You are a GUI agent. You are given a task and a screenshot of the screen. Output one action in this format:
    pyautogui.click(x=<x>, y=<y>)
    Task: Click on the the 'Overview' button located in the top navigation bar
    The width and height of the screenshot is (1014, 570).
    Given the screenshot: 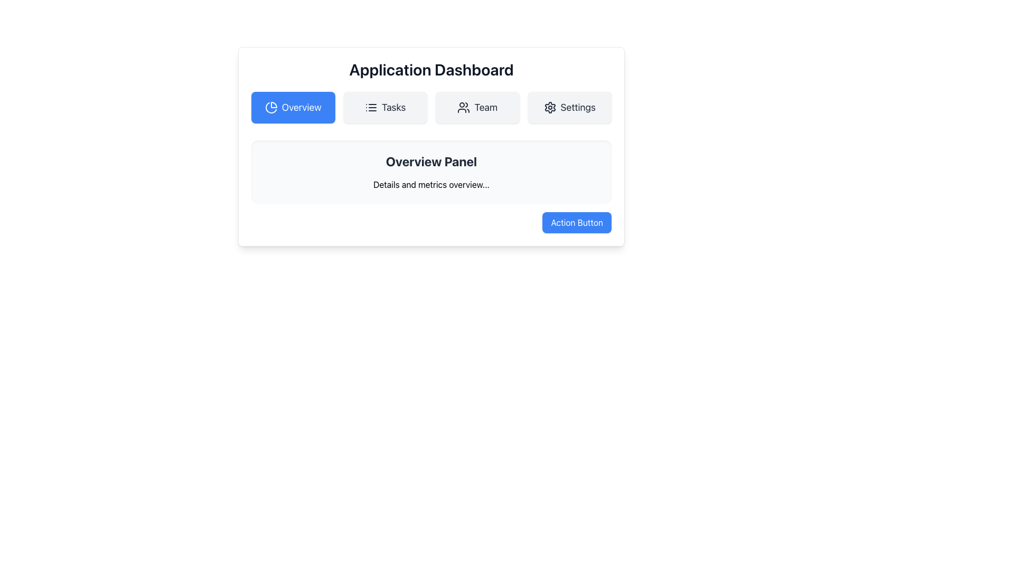 What is the action you would take?
    pyautogui.click(x=274, y=105)
    